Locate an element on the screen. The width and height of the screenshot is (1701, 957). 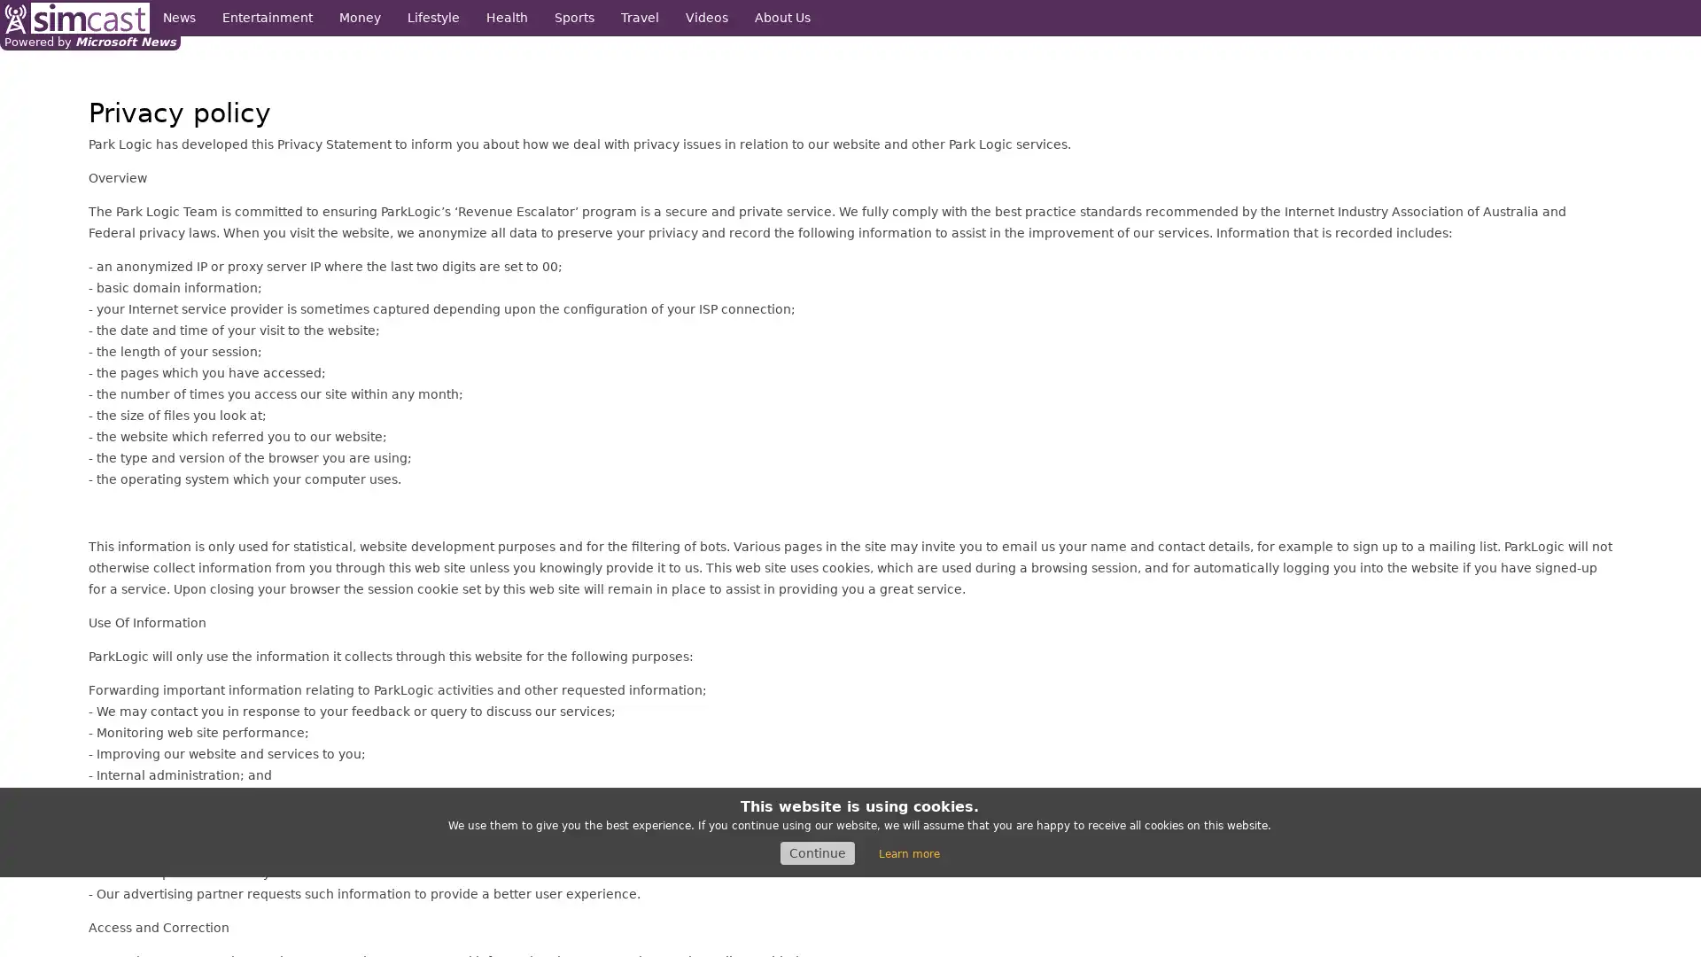
Continue is located at coordinates (816, 852).